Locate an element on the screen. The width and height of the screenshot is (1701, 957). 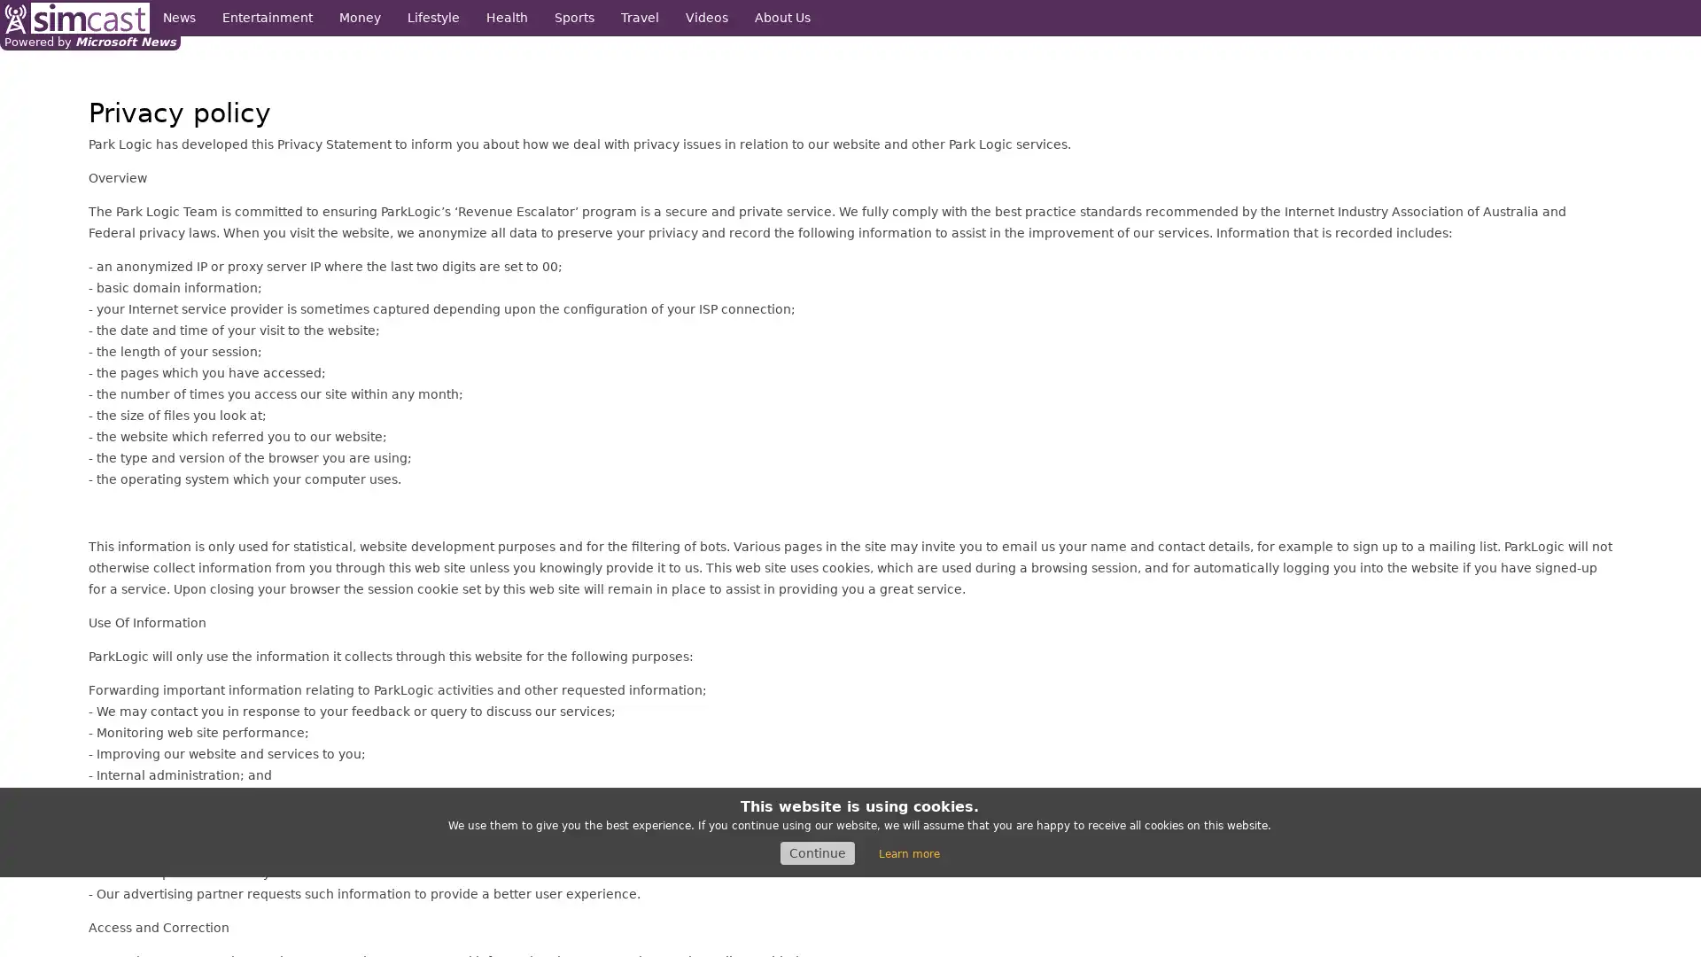
Continue is located at coordinates (816, 852).